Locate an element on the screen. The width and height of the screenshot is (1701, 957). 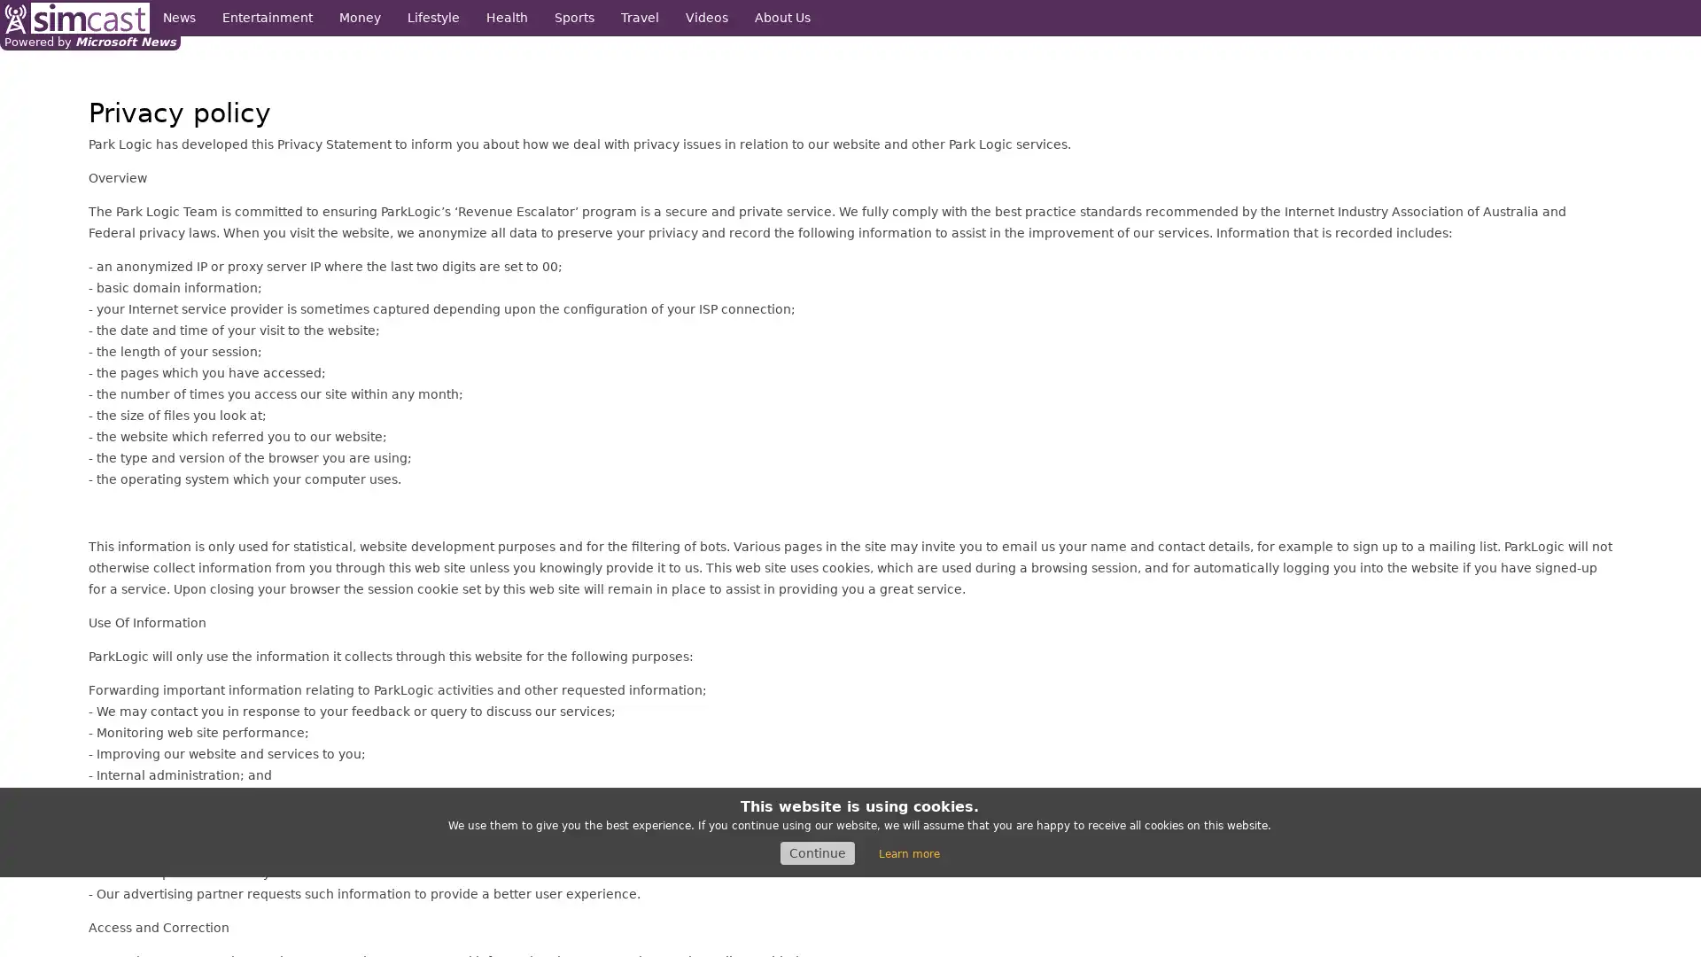
Continue is located at coordinates (816, 852).